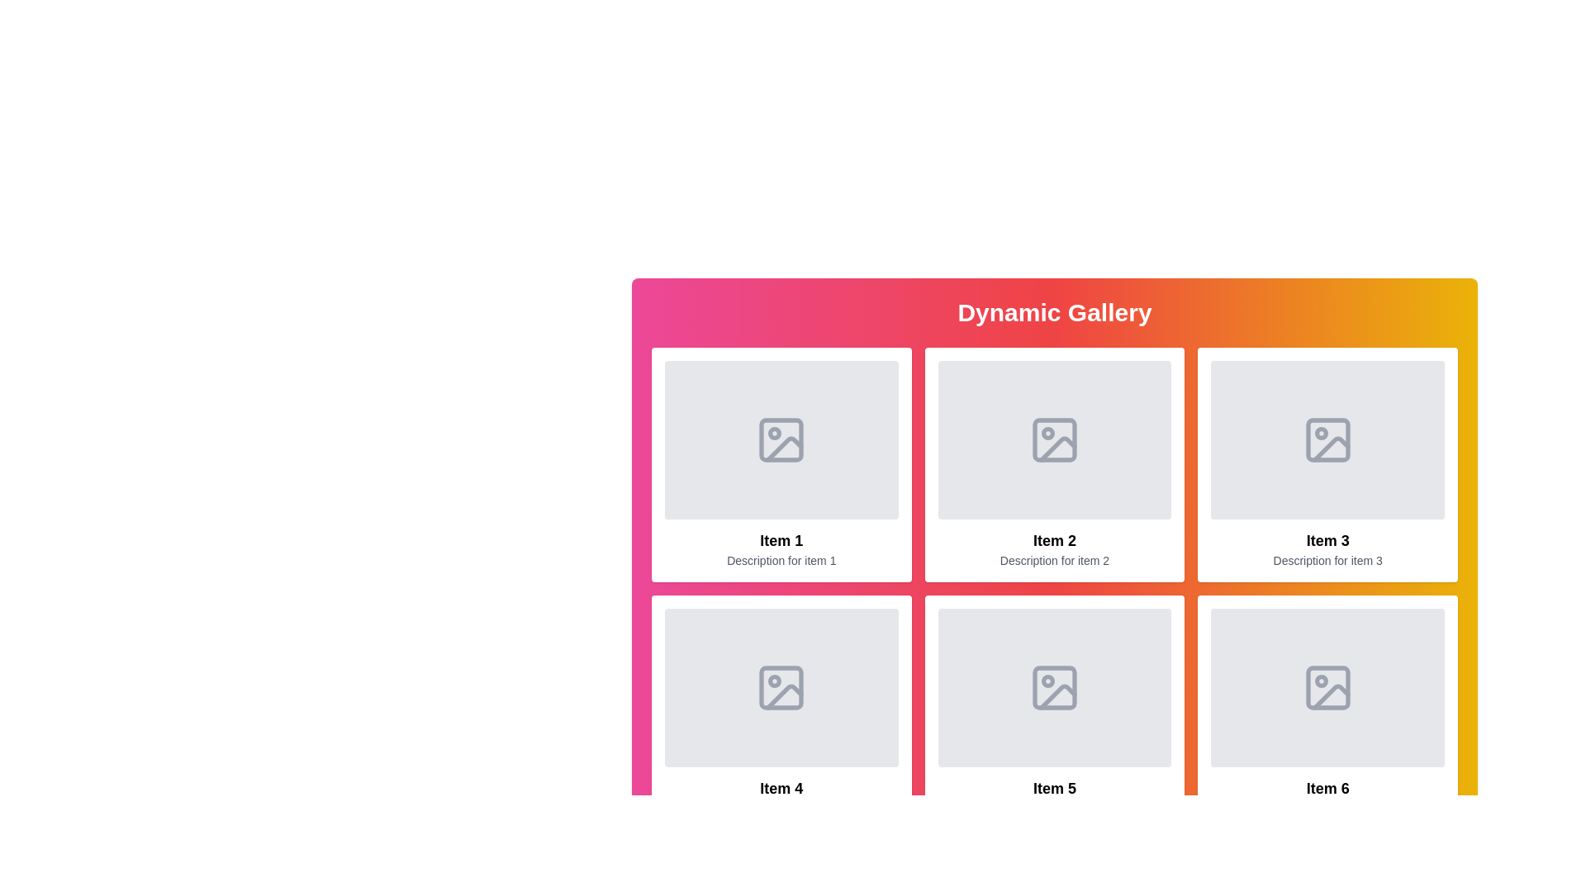  I want to click on the static text label displaying 'Item 4' located in the bottom-left card of the grid layout under 'Dynamic Gallery', so click(781, 788).